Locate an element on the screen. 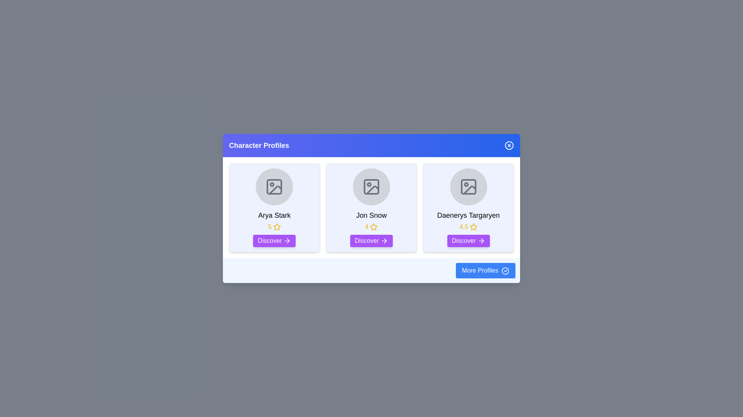 Image resolution: width=743 pixels, height=417 pixels. the star representing the rating of the character Daenerys Targaryen is located at coordinates (467, 226).